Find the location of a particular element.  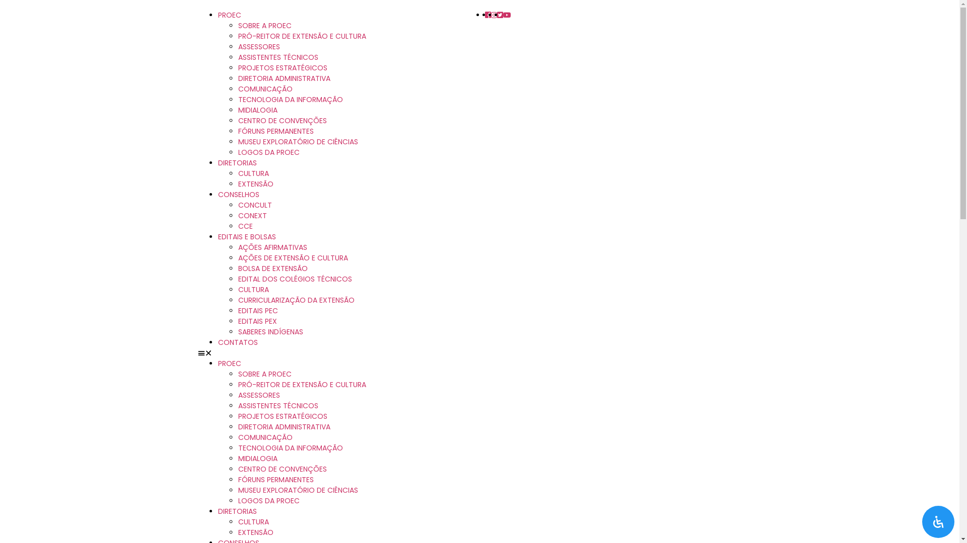

'LOGOS DA PROEC' is located at coordinates (268, 152).